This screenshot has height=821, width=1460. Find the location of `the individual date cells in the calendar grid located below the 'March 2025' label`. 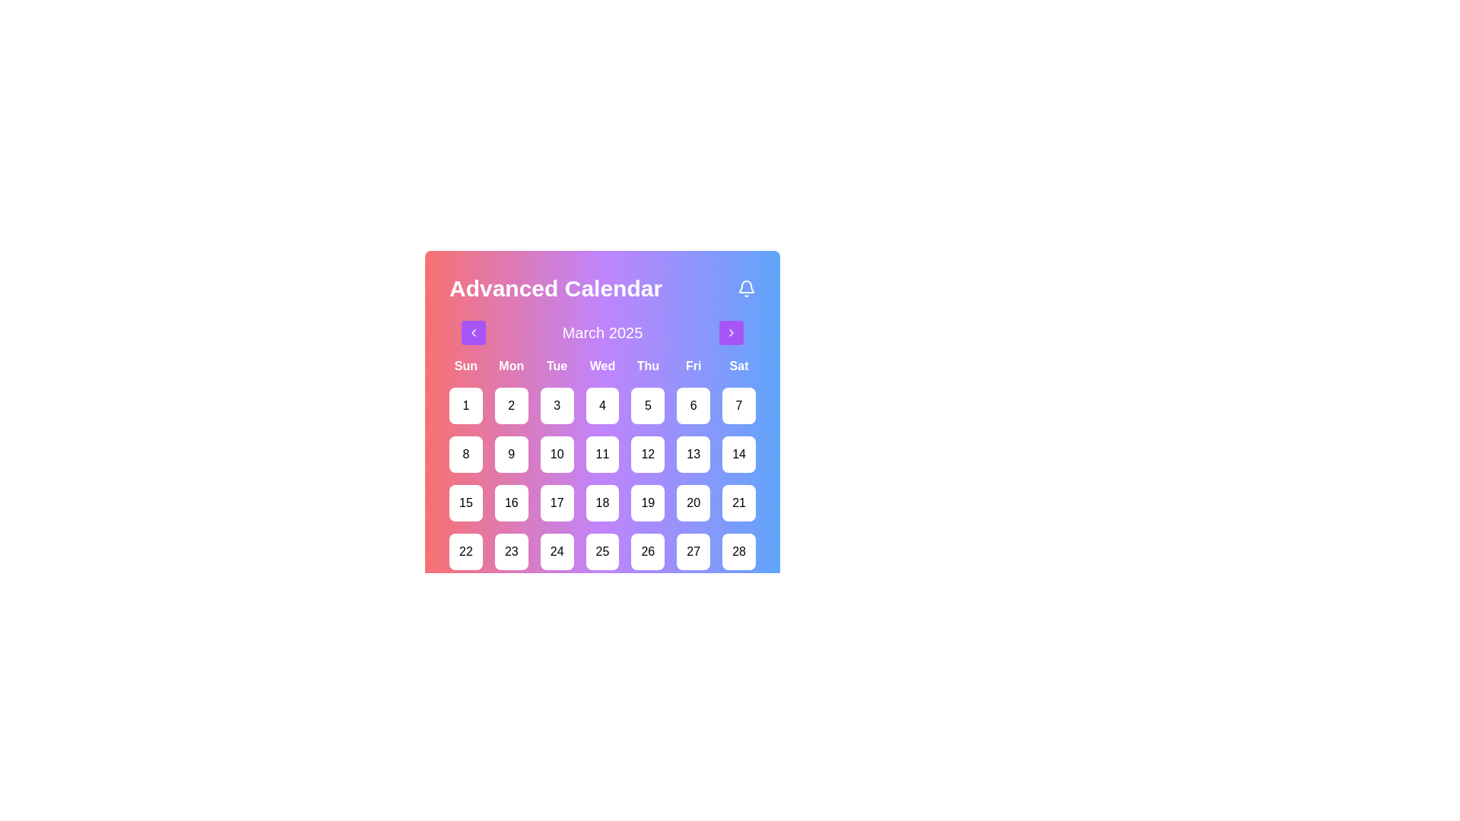

the individual date cells in the calendar grid located below the 'March 2025' label is located at coordinates (601, 487).